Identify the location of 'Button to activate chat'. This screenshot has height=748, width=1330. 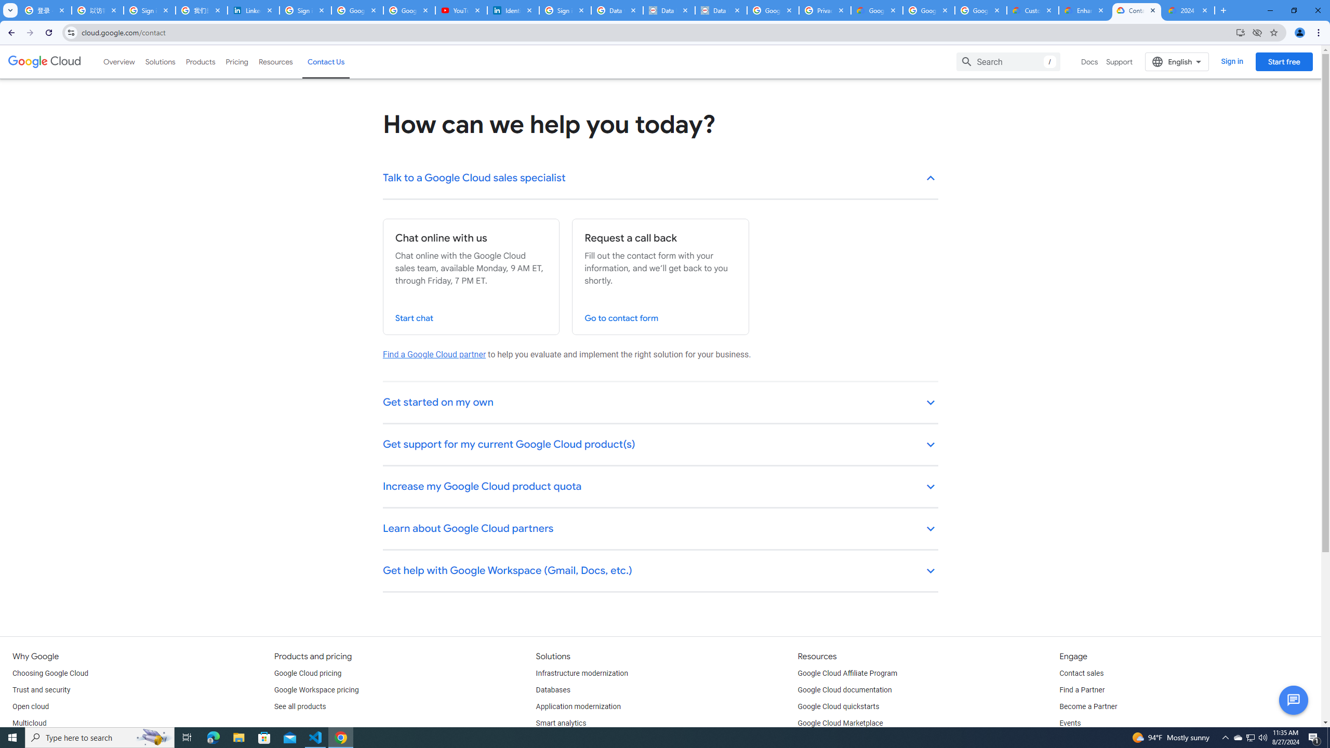
(1294, 700).